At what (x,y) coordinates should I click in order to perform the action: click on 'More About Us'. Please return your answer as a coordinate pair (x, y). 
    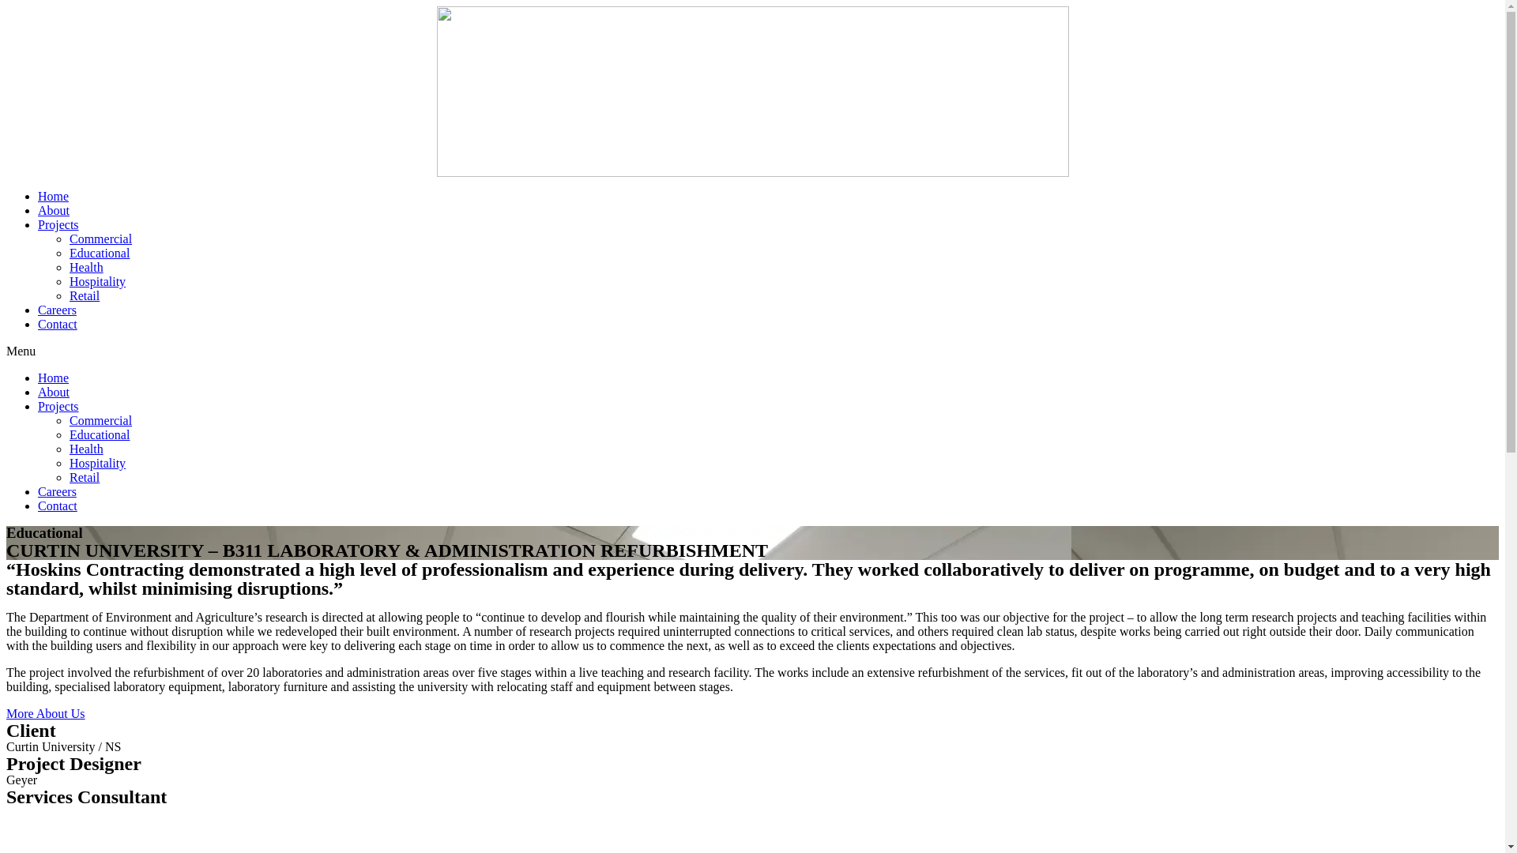
    Looking at the image, I should click on (45, 713).